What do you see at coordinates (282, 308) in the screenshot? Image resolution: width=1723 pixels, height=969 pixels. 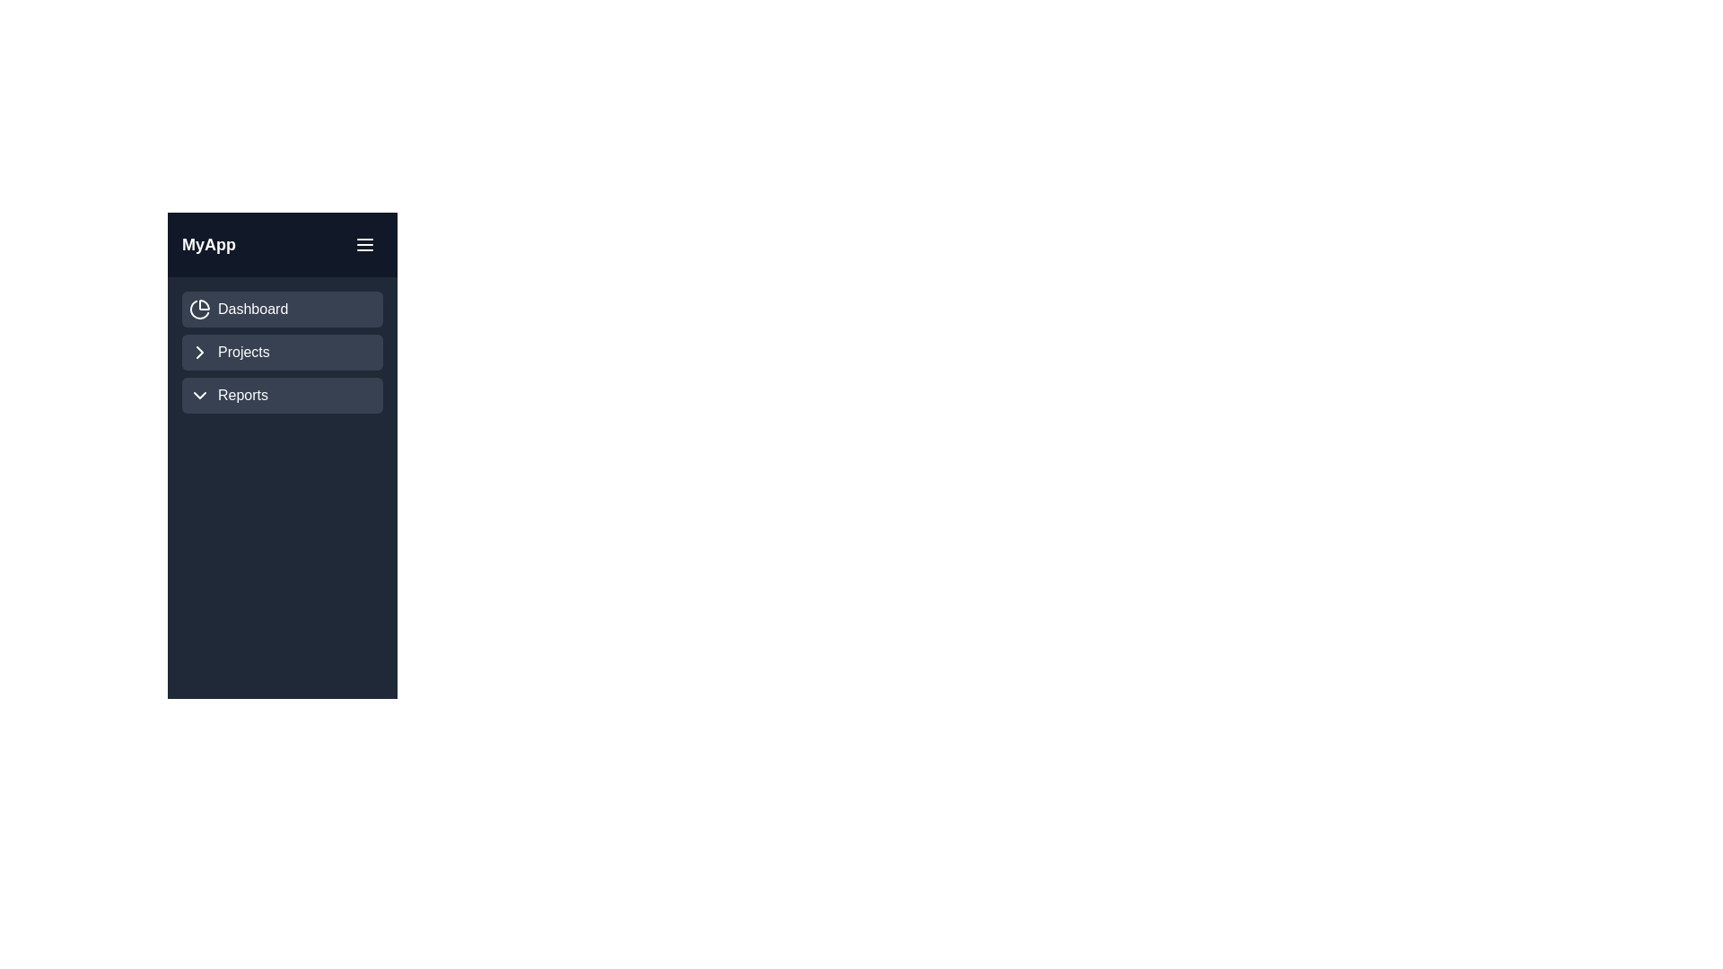 I see `the 'Dashboard' menu item to select it` at bounding box center [282, 308].